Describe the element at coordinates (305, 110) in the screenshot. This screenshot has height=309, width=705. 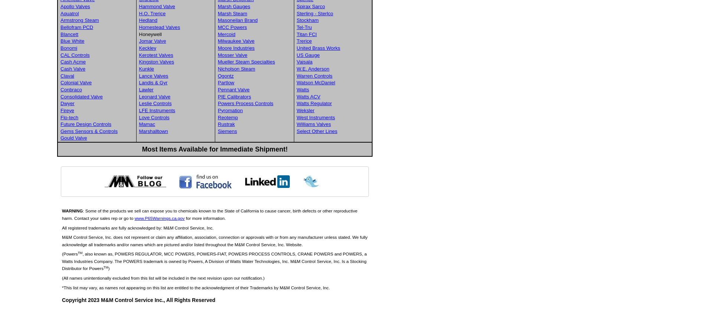
I see `'Weksler'` at that location.